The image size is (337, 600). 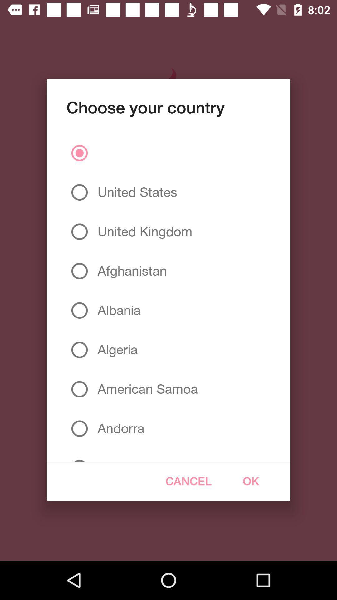 What do you see at coordinates (145, 389) in the screenshot?
I see `american samoa item` at bounding box center [145, 389].